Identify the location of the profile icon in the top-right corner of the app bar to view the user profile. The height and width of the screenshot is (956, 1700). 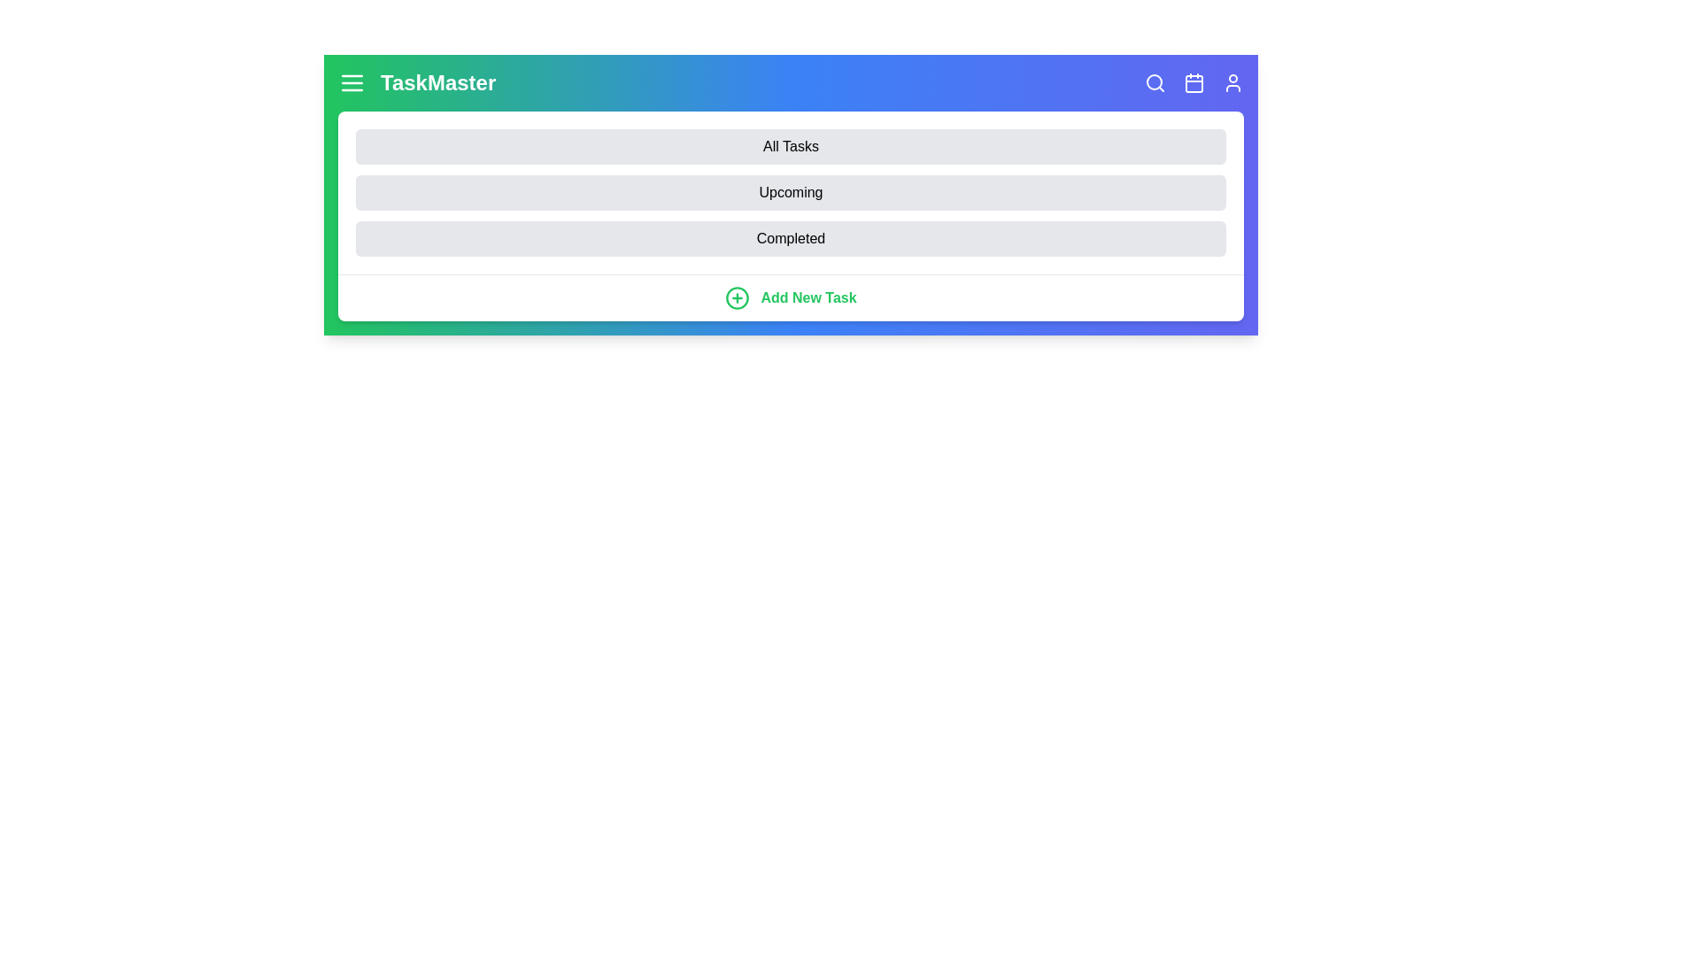
(1232, 82).